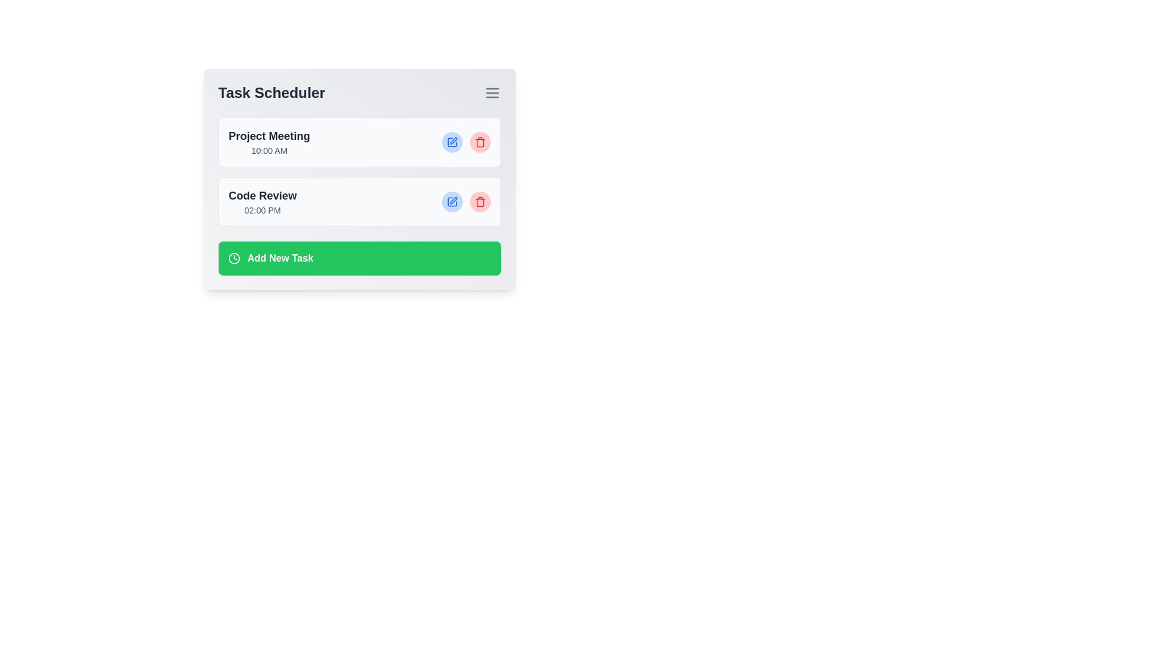 Image resolution: width=1169 pixels, height=657 pixels. What do you see at coordinates (479, 202) in the screenshot?
I see `the trash can icon, which is part of the icon representing the delete action for the associated task next to 'Code Review'` at bounding box center [479, 202].